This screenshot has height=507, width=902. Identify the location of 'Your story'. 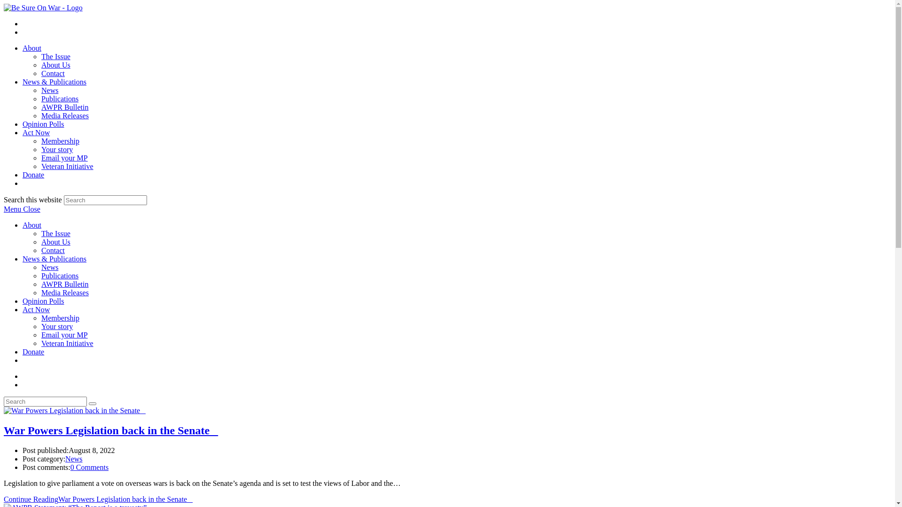
(56, 149).